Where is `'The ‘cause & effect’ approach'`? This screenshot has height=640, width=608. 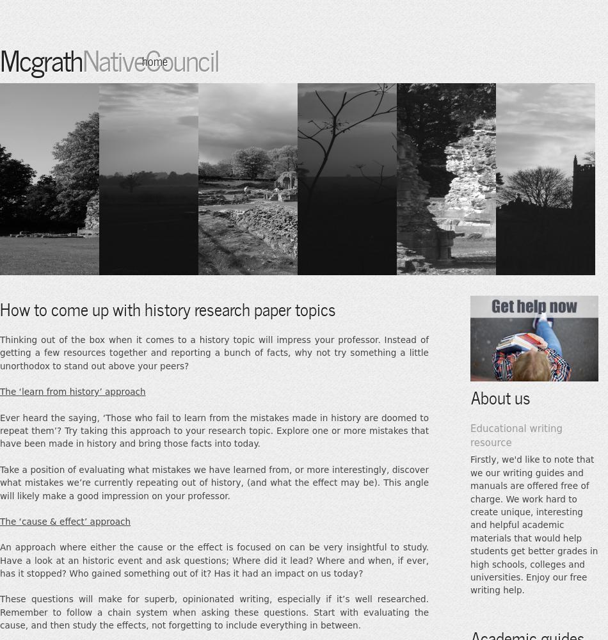 'The ‘cause & effect’ approach' is located at coordinates (0, 520).